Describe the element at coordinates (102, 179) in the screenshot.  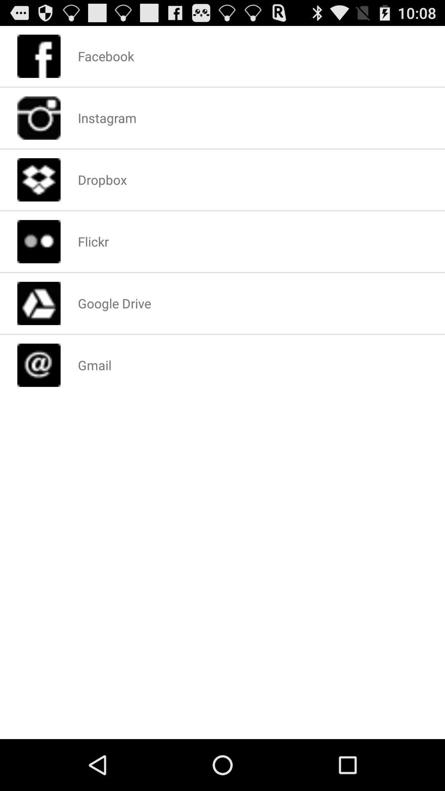
I see `the dropbox icon` at that location.